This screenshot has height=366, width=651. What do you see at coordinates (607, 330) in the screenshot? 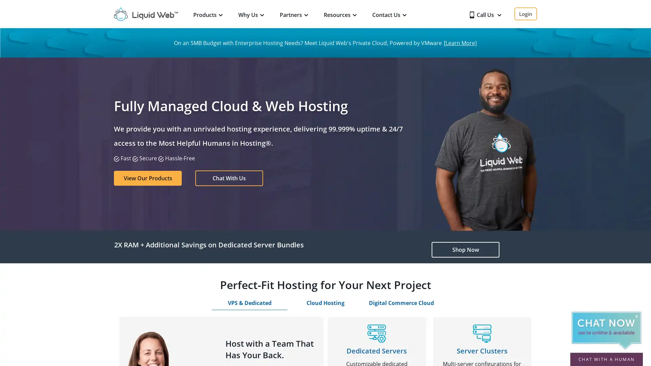
I see `Chat Now` at bounding box center [607, 330].